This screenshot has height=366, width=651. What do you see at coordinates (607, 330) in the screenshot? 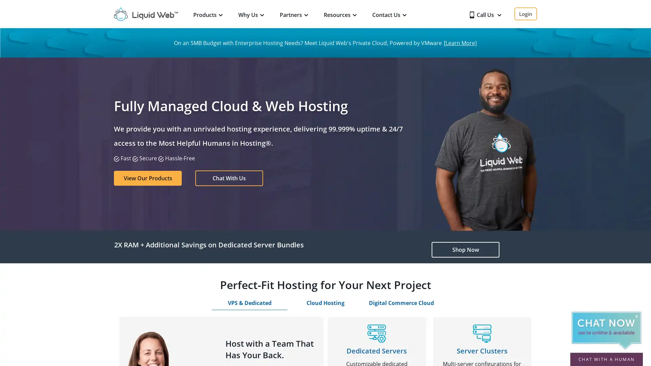
I see `Chat Now` at bounding box center [607, 330].